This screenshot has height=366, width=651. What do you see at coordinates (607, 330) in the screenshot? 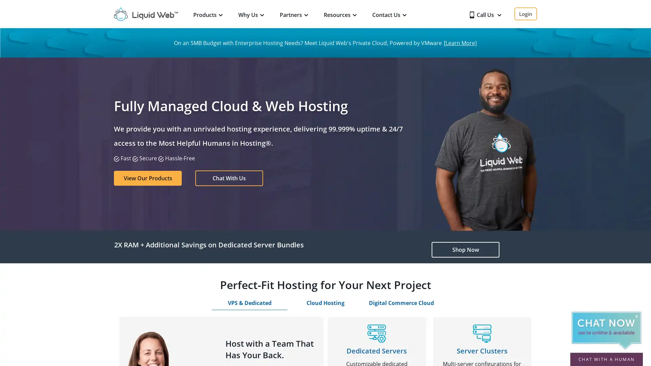
I see `Chat Now` at bounding box center [607, 330].